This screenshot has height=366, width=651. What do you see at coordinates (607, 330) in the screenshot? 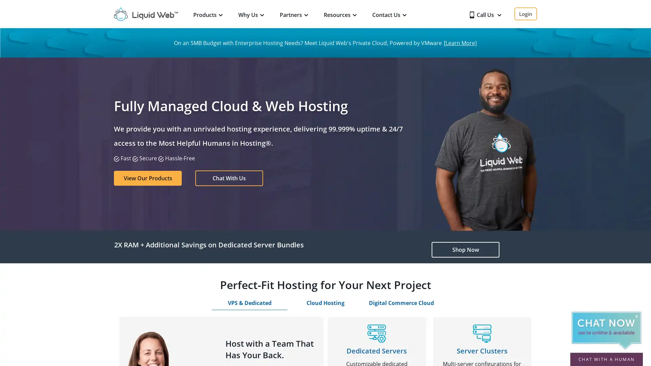
I see `Chat Now` at bounding box center [607, 330].